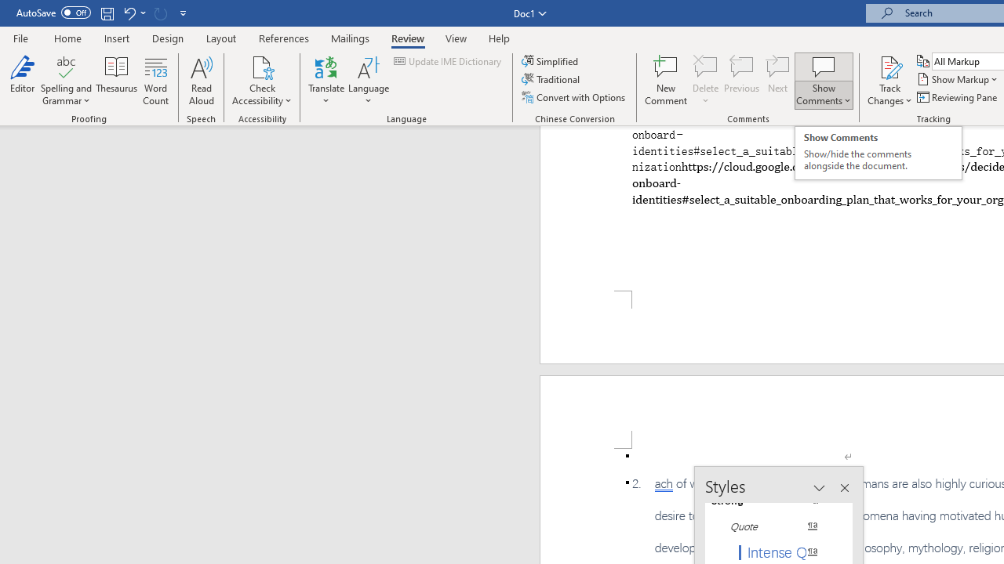 This screenshot has width=1004, height=564. I want to click on 'Show Markup', so click(958, 79).